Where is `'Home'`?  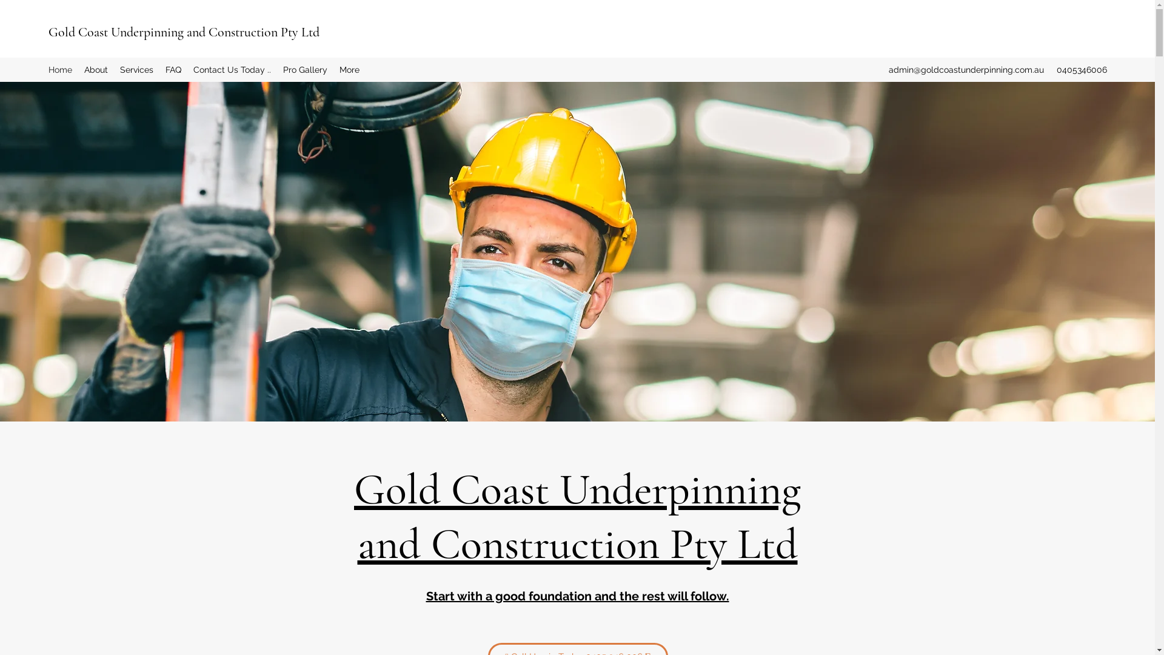 'Home' is located at coordinates (59, 70).